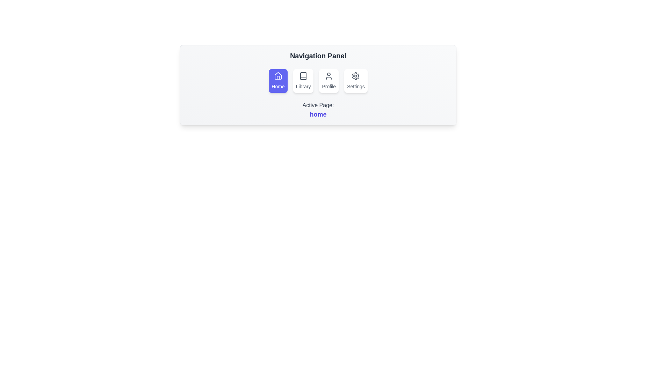  Describe the element at coordinates (329, 76) in the screenshot. I see `the user silhouette icon within the 'Profile' button located in the navigation panel` at that location.